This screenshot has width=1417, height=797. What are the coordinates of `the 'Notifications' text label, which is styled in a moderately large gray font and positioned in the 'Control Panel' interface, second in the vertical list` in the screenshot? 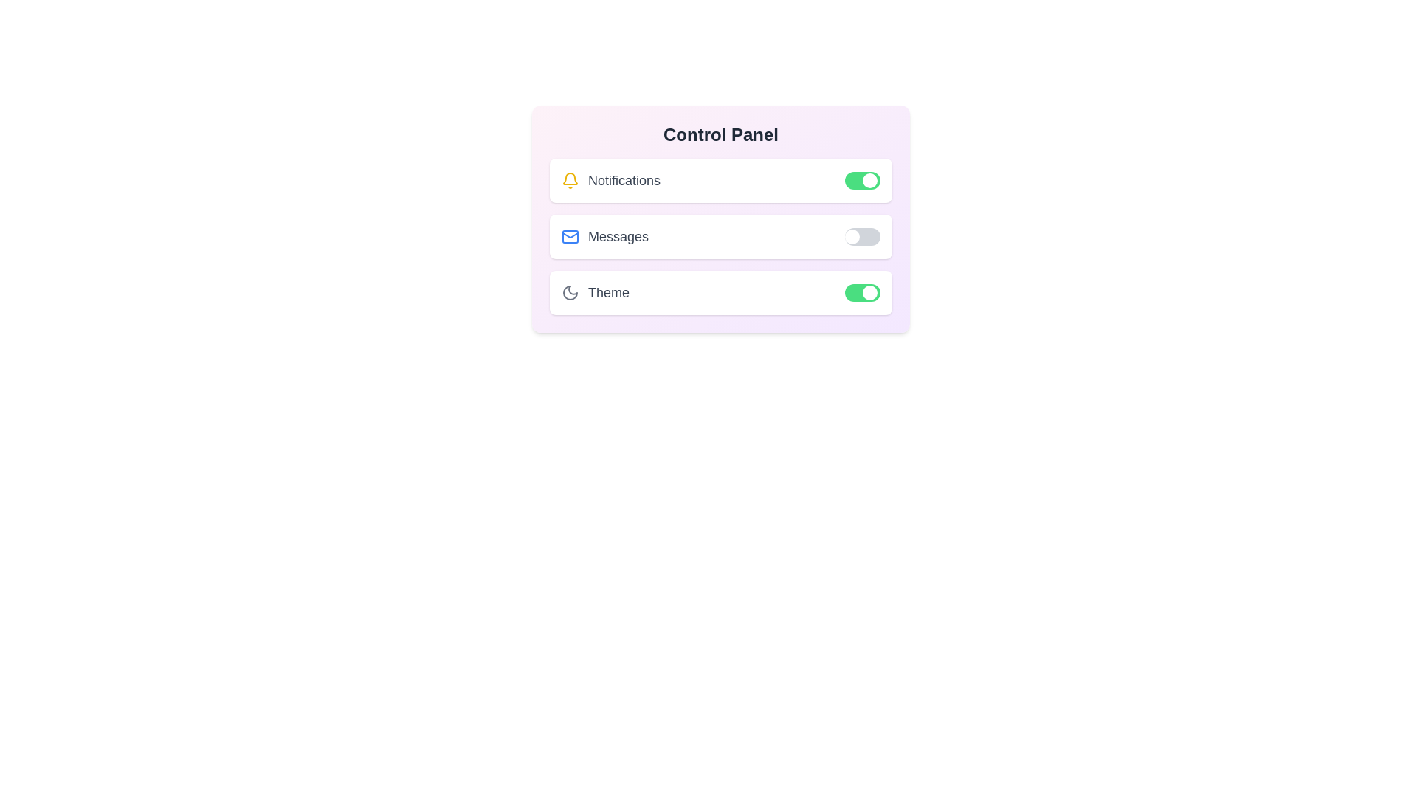 It's located at (624, 180).